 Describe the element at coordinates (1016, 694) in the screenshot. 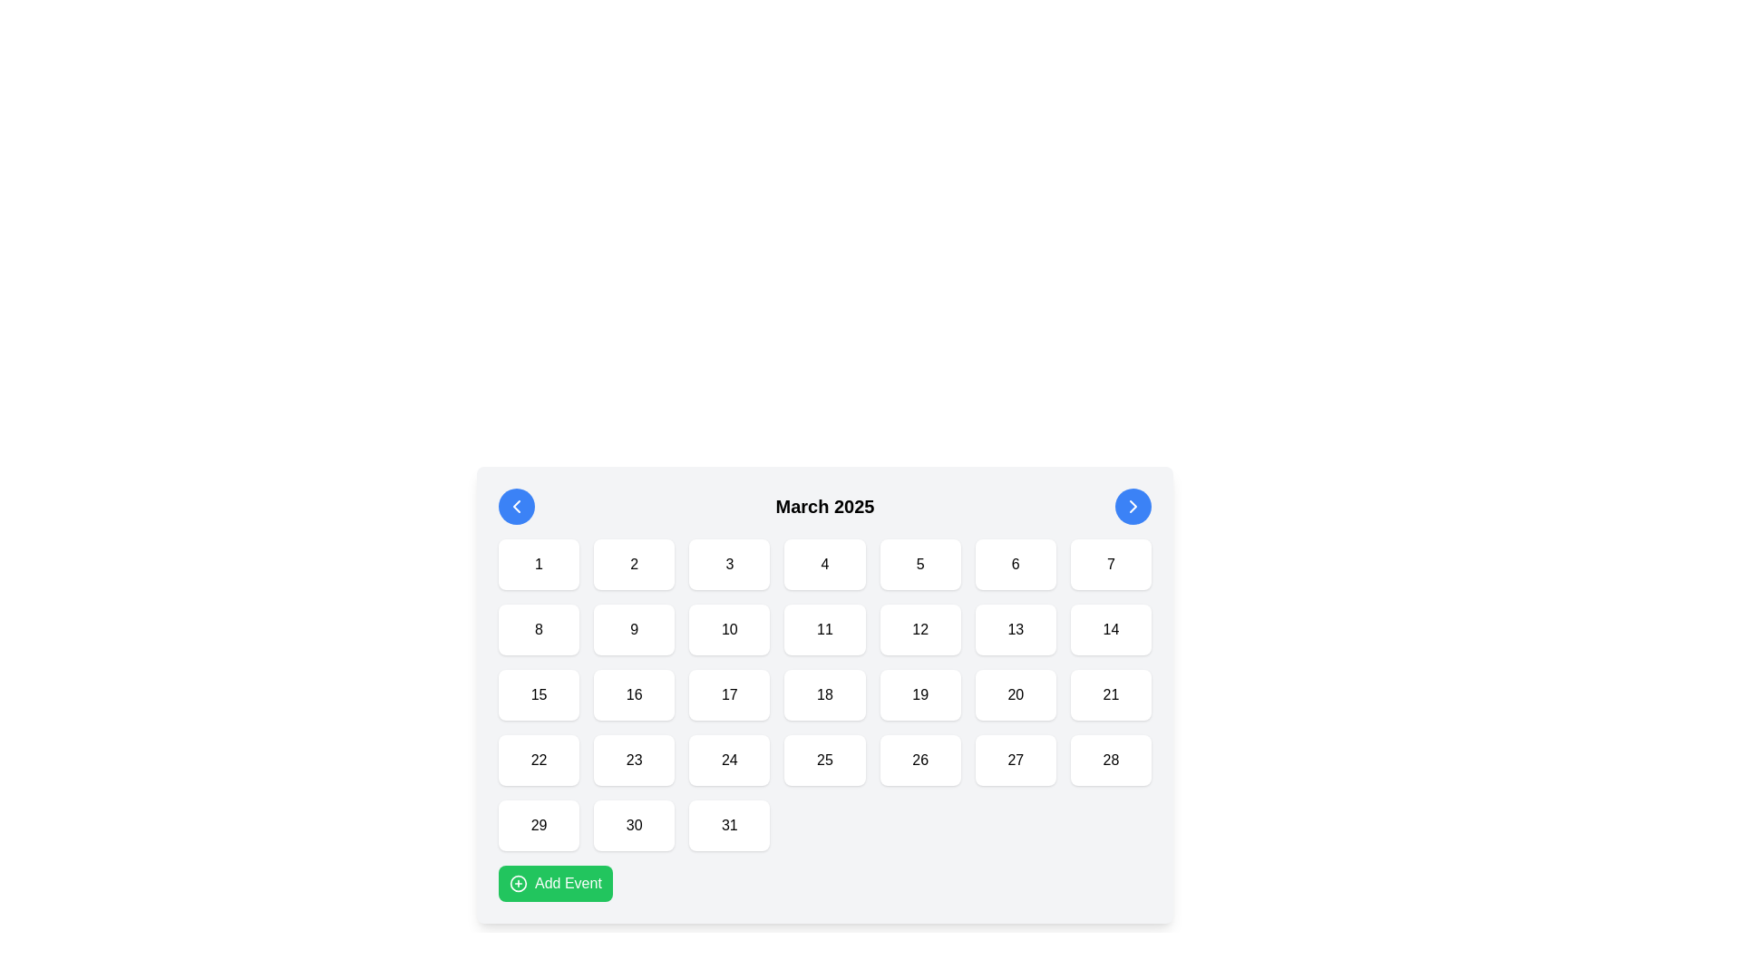

I see `the calendar date cell representing the date '20'` at that location.